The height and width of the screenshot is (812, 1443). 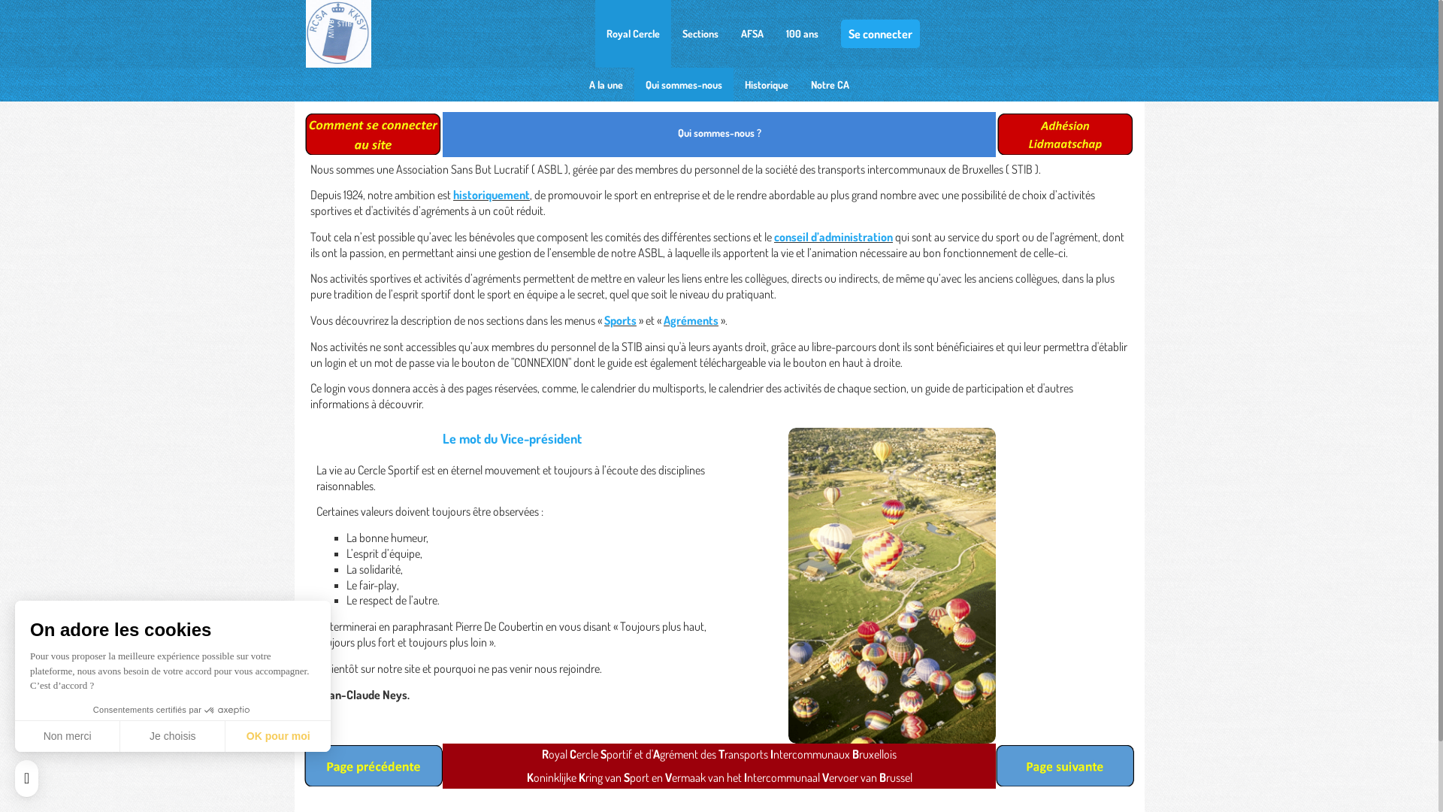 I want to click on 'Sports', so click(x=604, y=319).